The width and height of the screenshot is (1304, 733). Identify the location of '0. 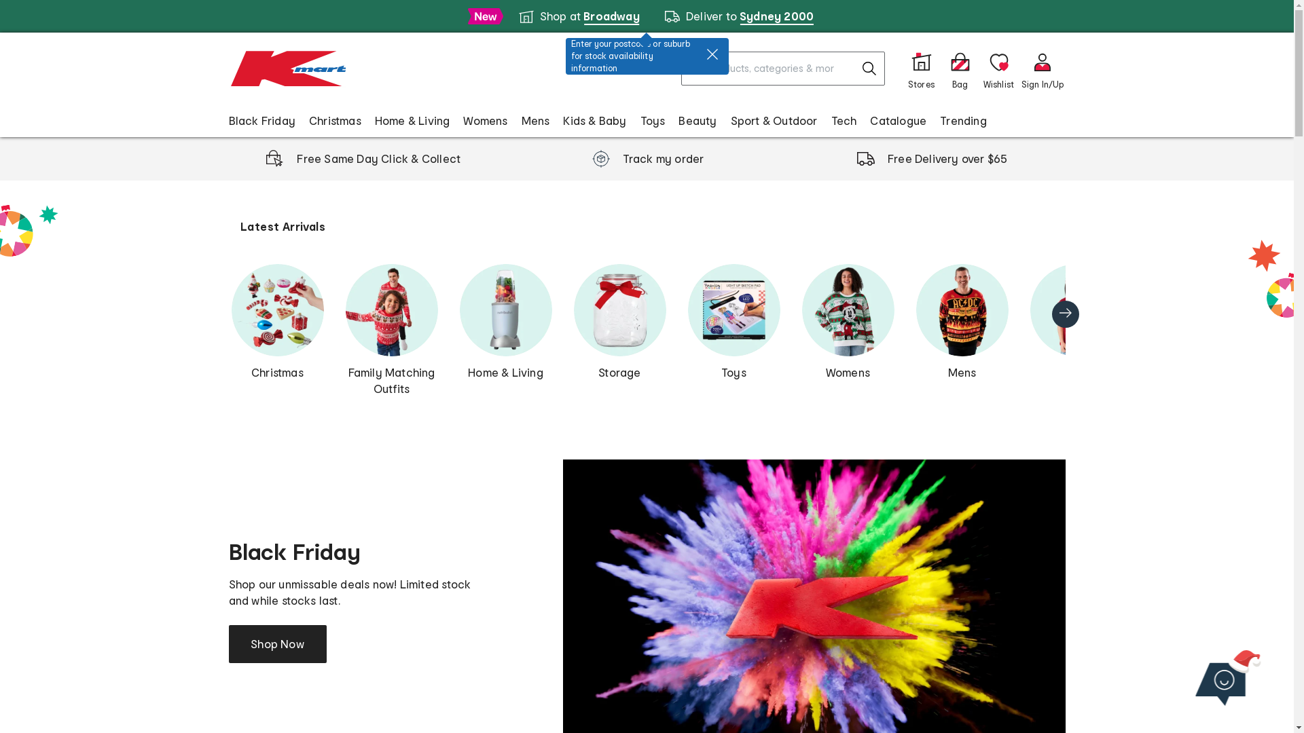
(960, 68).